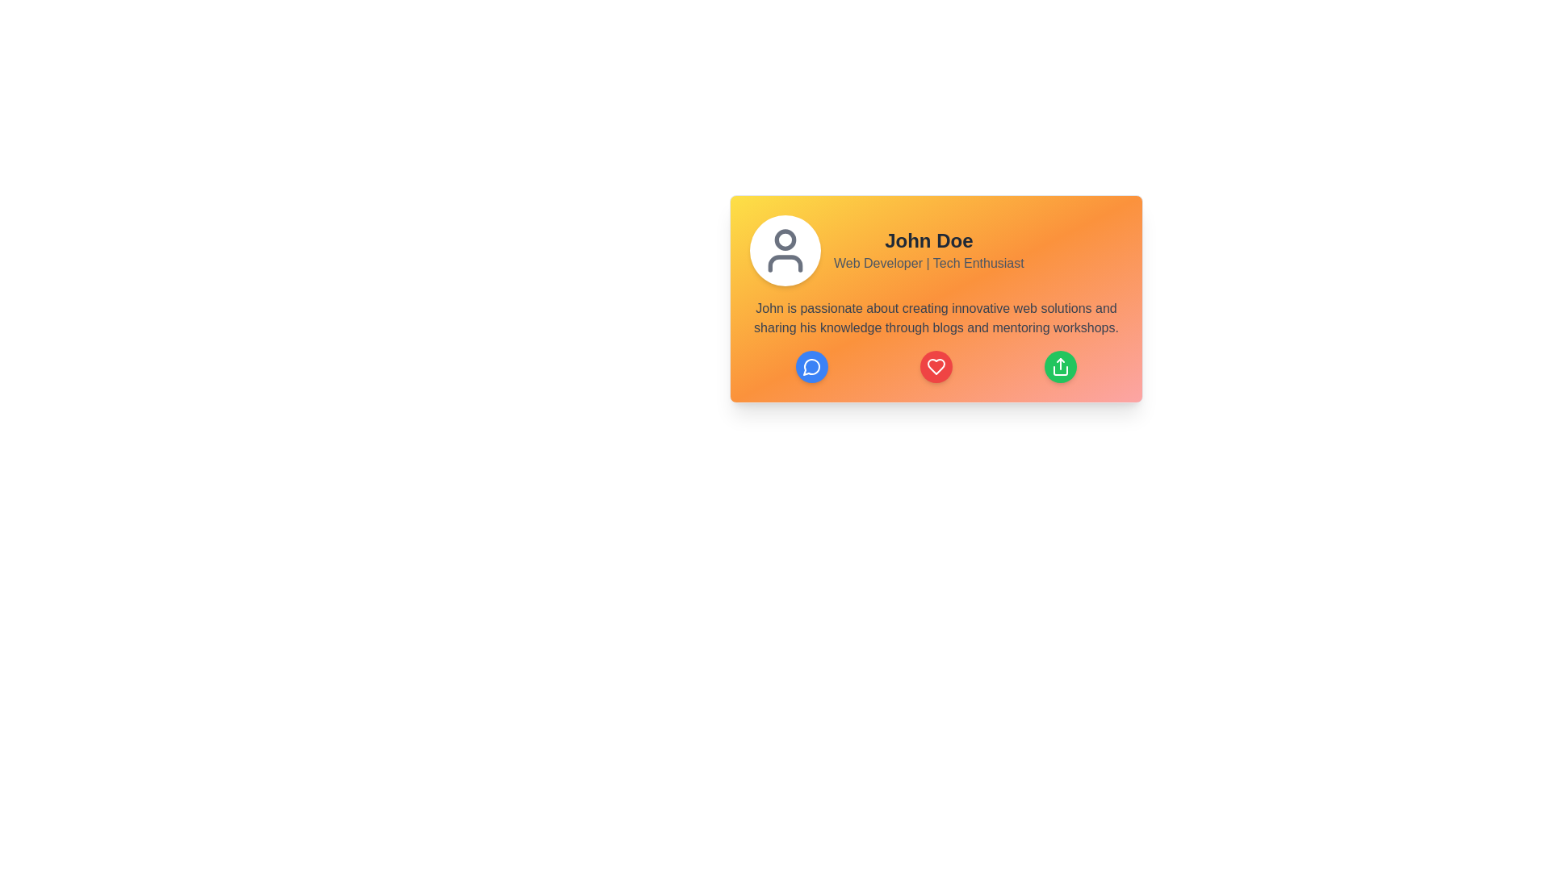 This screenshot has height=871, width=1550. Describe the element at coordinates (812, 367) in the screenshot. I see `the first icon button located at the bottom section of the rectangular card` at that location.